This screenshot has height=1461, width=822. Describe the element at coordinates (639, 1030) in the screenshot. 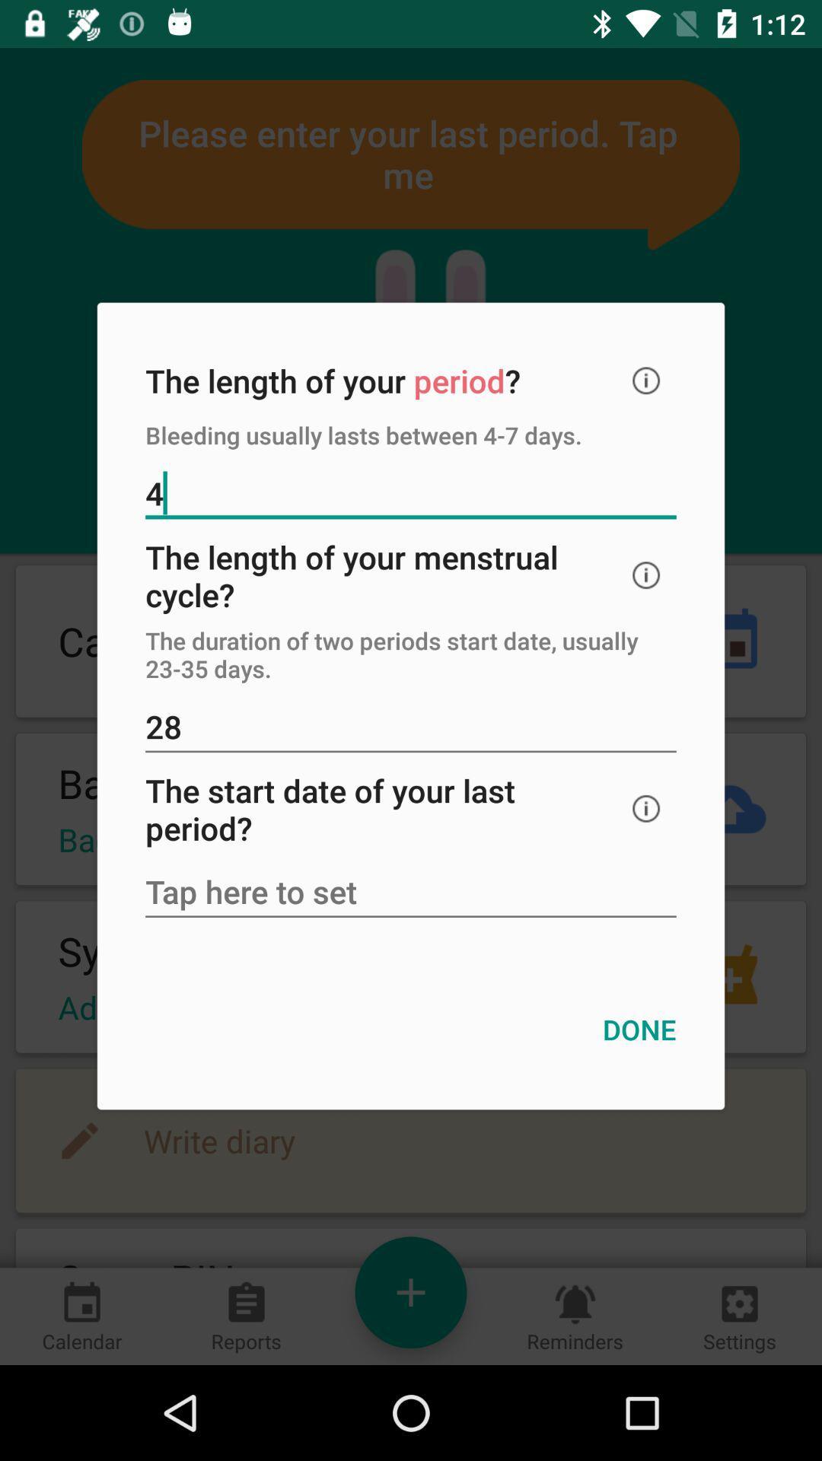

I see `done` at that location.